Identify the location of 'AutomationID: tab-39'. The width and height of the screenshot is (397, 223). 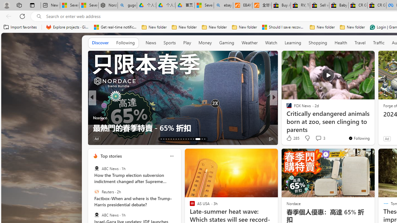
(193, 138).